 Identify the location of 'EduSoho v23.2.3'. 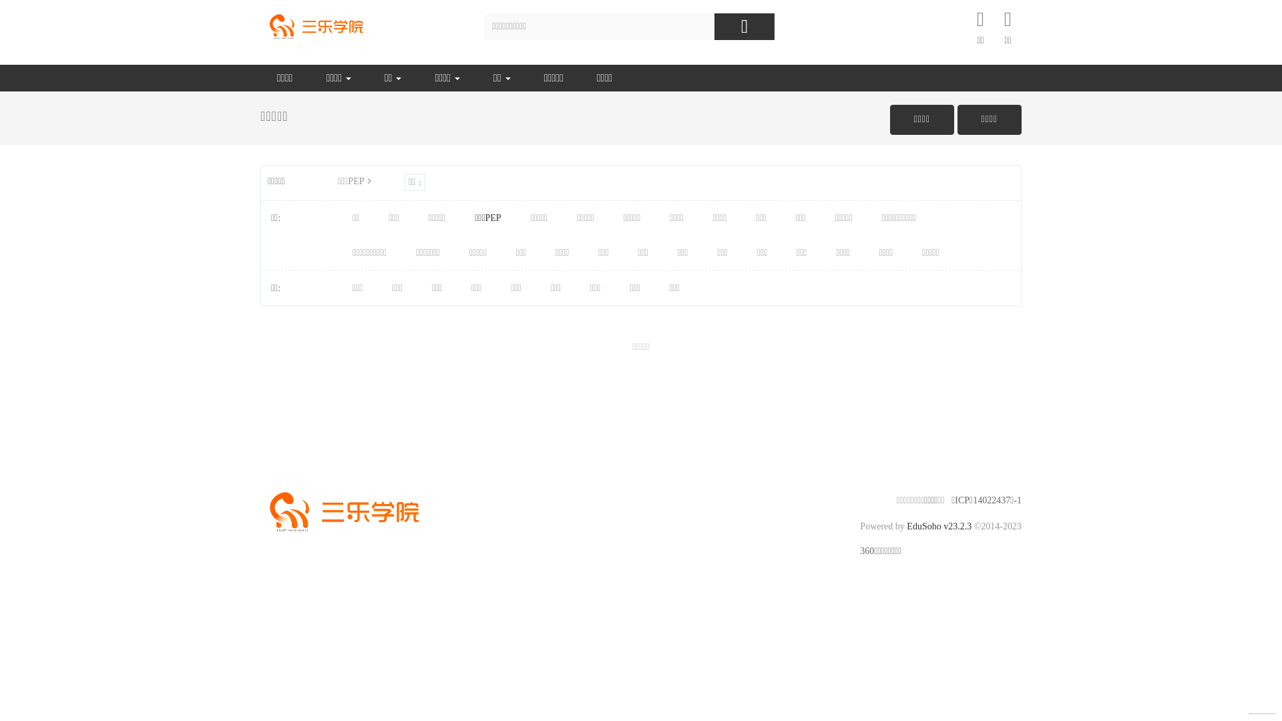
(938, 525).